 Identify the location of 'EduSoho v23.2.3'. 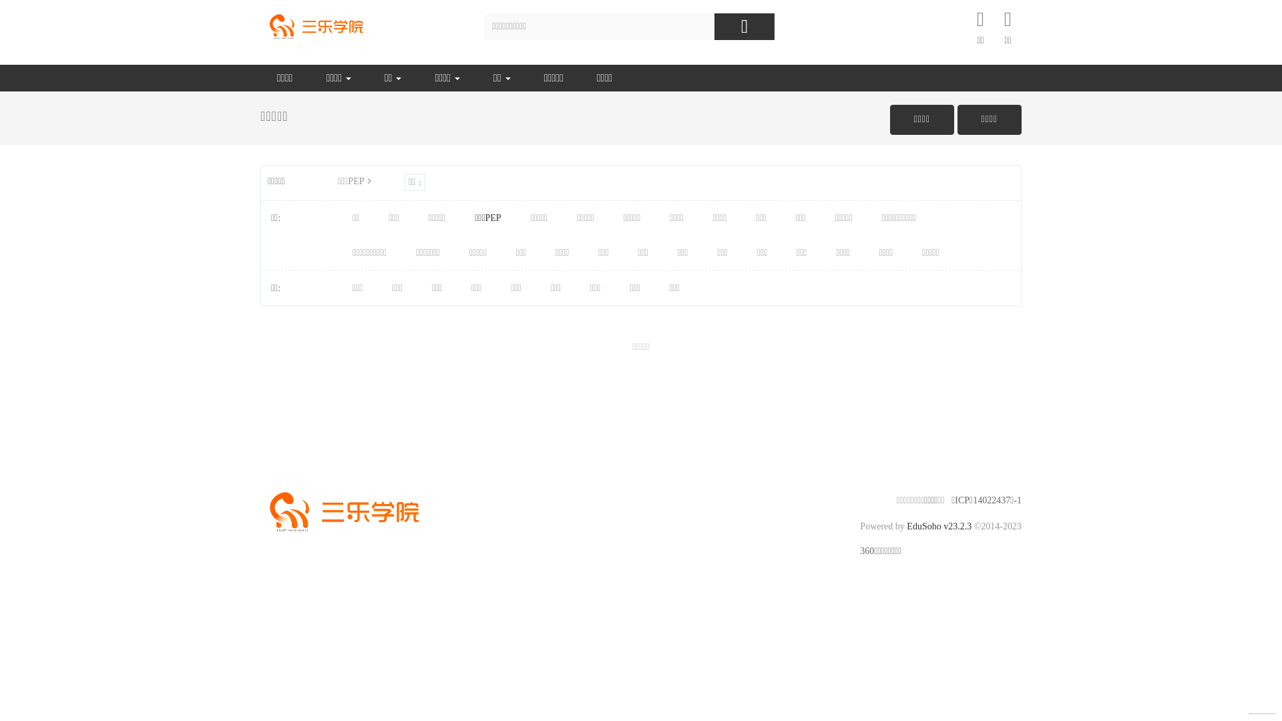
(938, 525).